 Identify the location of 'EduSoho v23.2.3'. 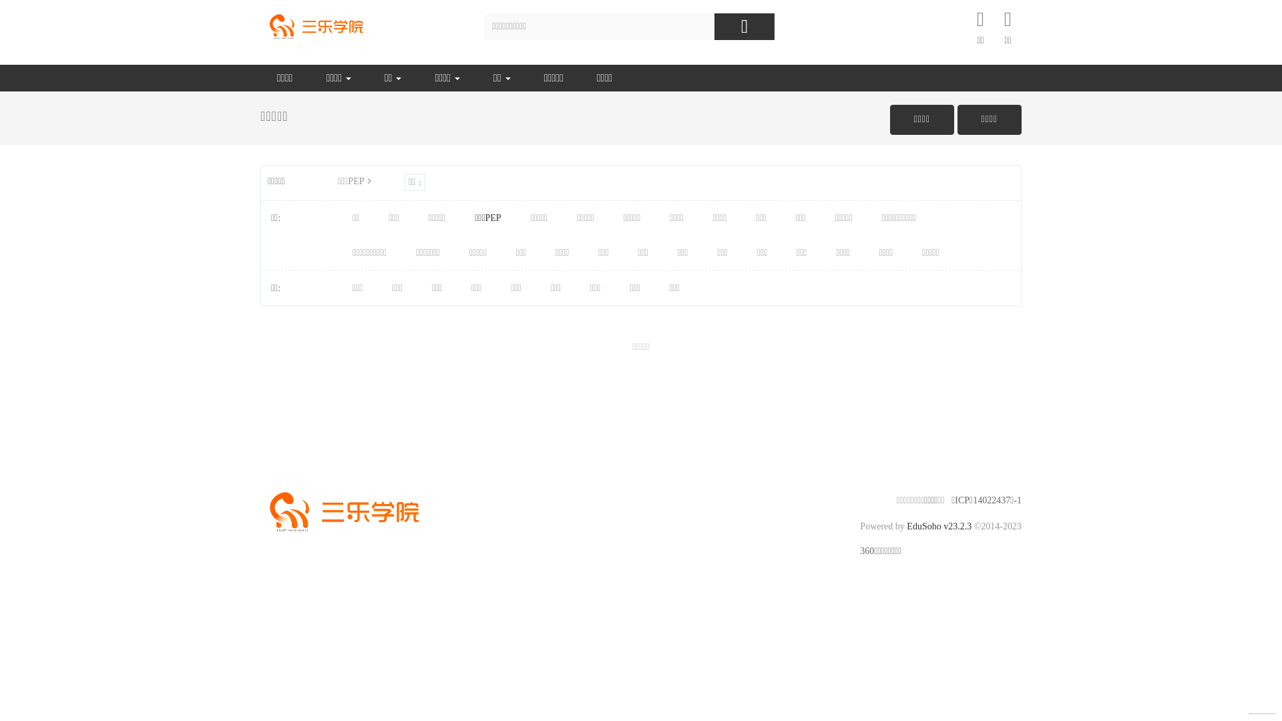
(938, 525).